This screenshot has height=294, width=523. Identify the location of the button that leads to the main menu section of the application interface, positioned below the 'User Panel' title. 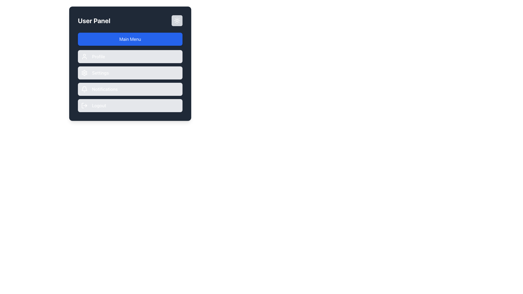
(130, 39).